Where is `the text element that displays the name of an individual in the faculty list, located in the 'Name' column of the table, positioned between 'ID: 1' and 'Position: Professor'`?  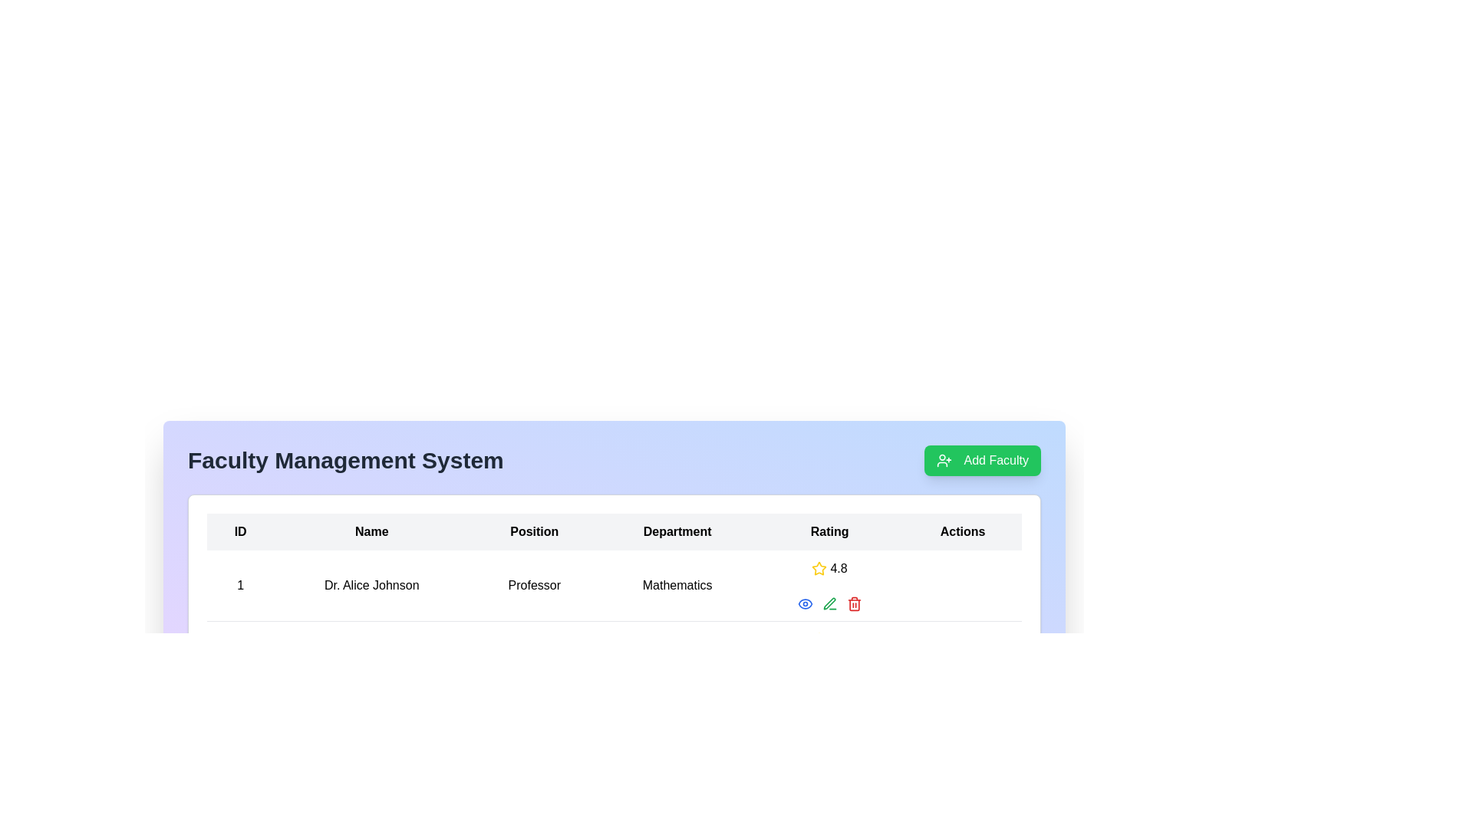 the text element that displays the name of an individual in the faculty list, located in the 'Name' column of the table, positioned between 'ID: 1' and 'Position: Professor' is located at coordinates (371, 586).